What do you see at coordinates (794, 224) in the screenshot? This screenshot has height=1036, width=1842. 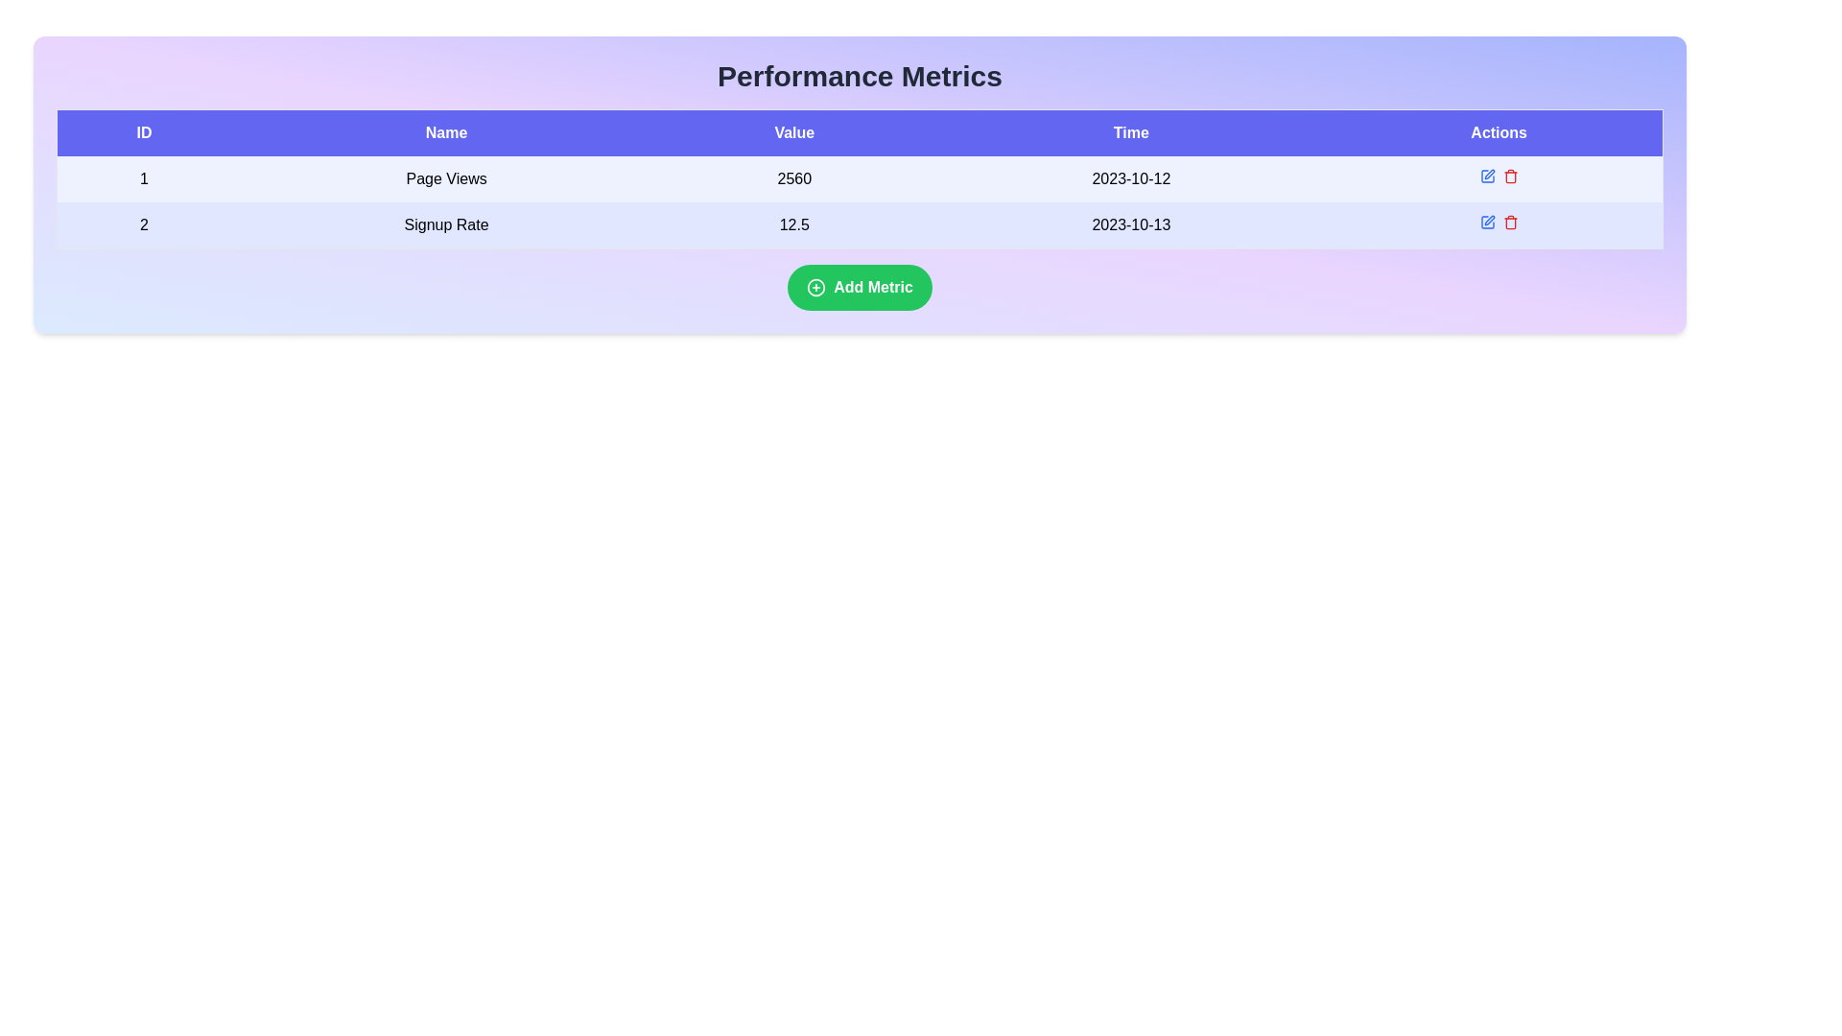 I see `the centered text component displaying '12.5' in black on a light blue background, located in the third column of the second row under the 'Value' header` at bounding box center [794, 224].